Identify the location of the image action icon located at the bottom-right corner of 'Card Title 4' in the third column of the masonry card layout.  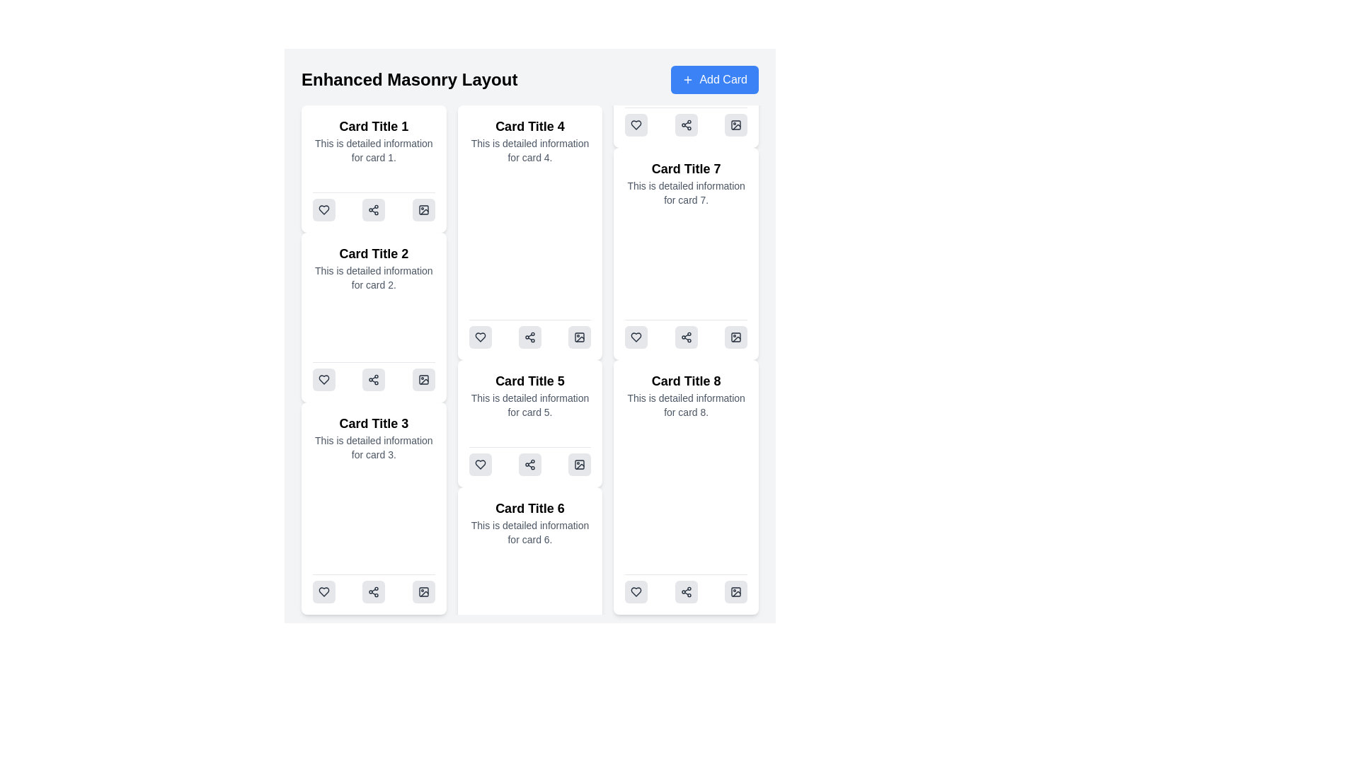
(580, 337).